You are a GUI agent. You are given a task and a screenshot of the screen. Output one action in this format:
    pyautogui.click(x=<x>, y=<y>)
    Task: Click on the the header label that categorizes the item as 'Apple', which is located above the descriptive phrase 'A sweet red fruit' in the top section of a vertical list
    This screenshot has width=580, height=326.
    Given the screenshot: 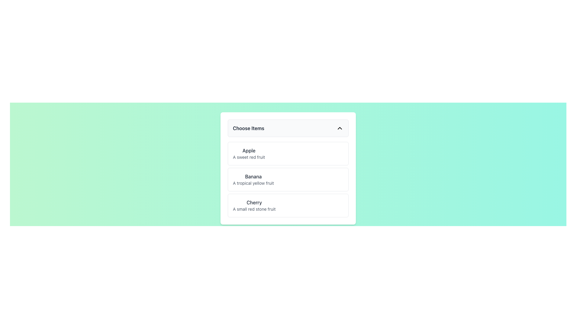 What is the action you would take?
    pyautogui.click(x=249, y=150)
    